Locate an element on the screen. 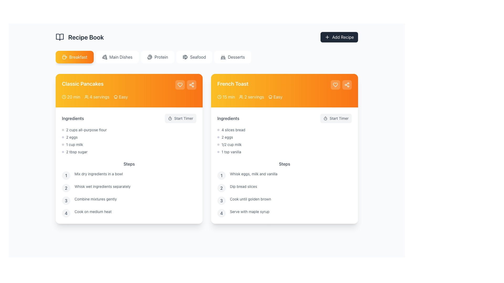 The image size is (504, 283). the circular badge with a light gray background containing the number '2' in dark gray, located in the 'Steps' section of the 'French Toast' recipe card, to the left of the text 'Dip bread slices' is located at coordinates (222, 188).